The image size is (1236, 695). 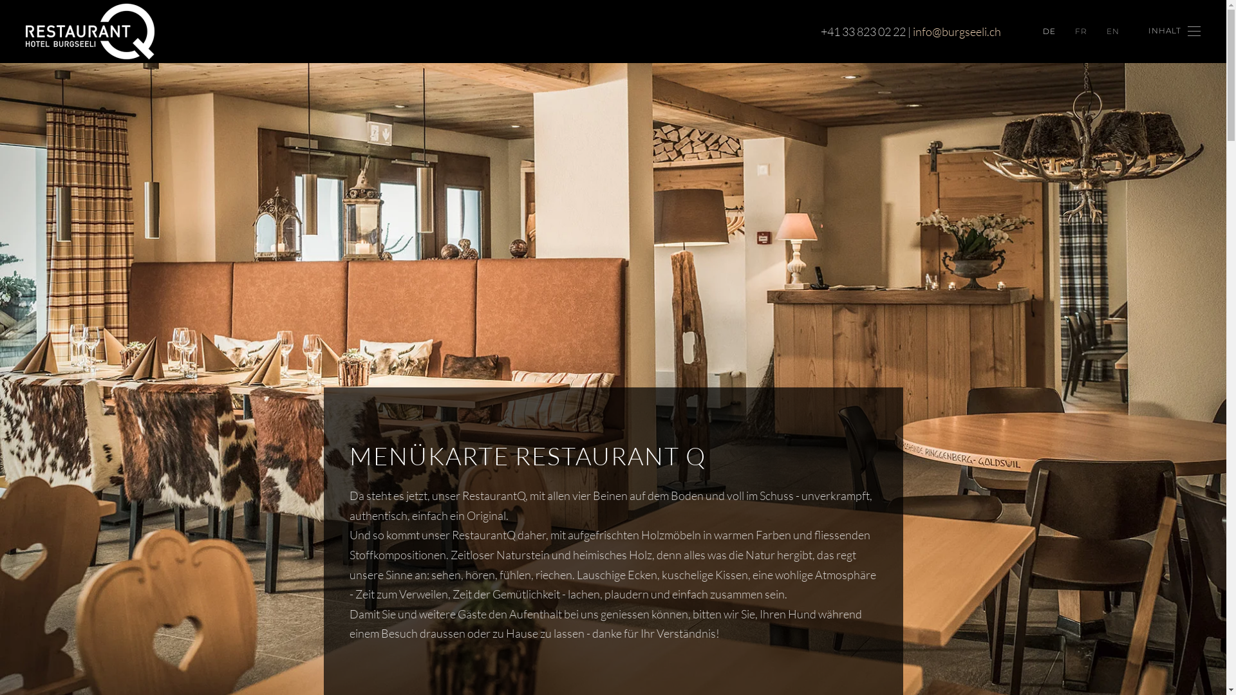 What do you see at coordinates (1049, 31) in the screenshot?
I see `'DE'` at bounding box center [1049, 31].